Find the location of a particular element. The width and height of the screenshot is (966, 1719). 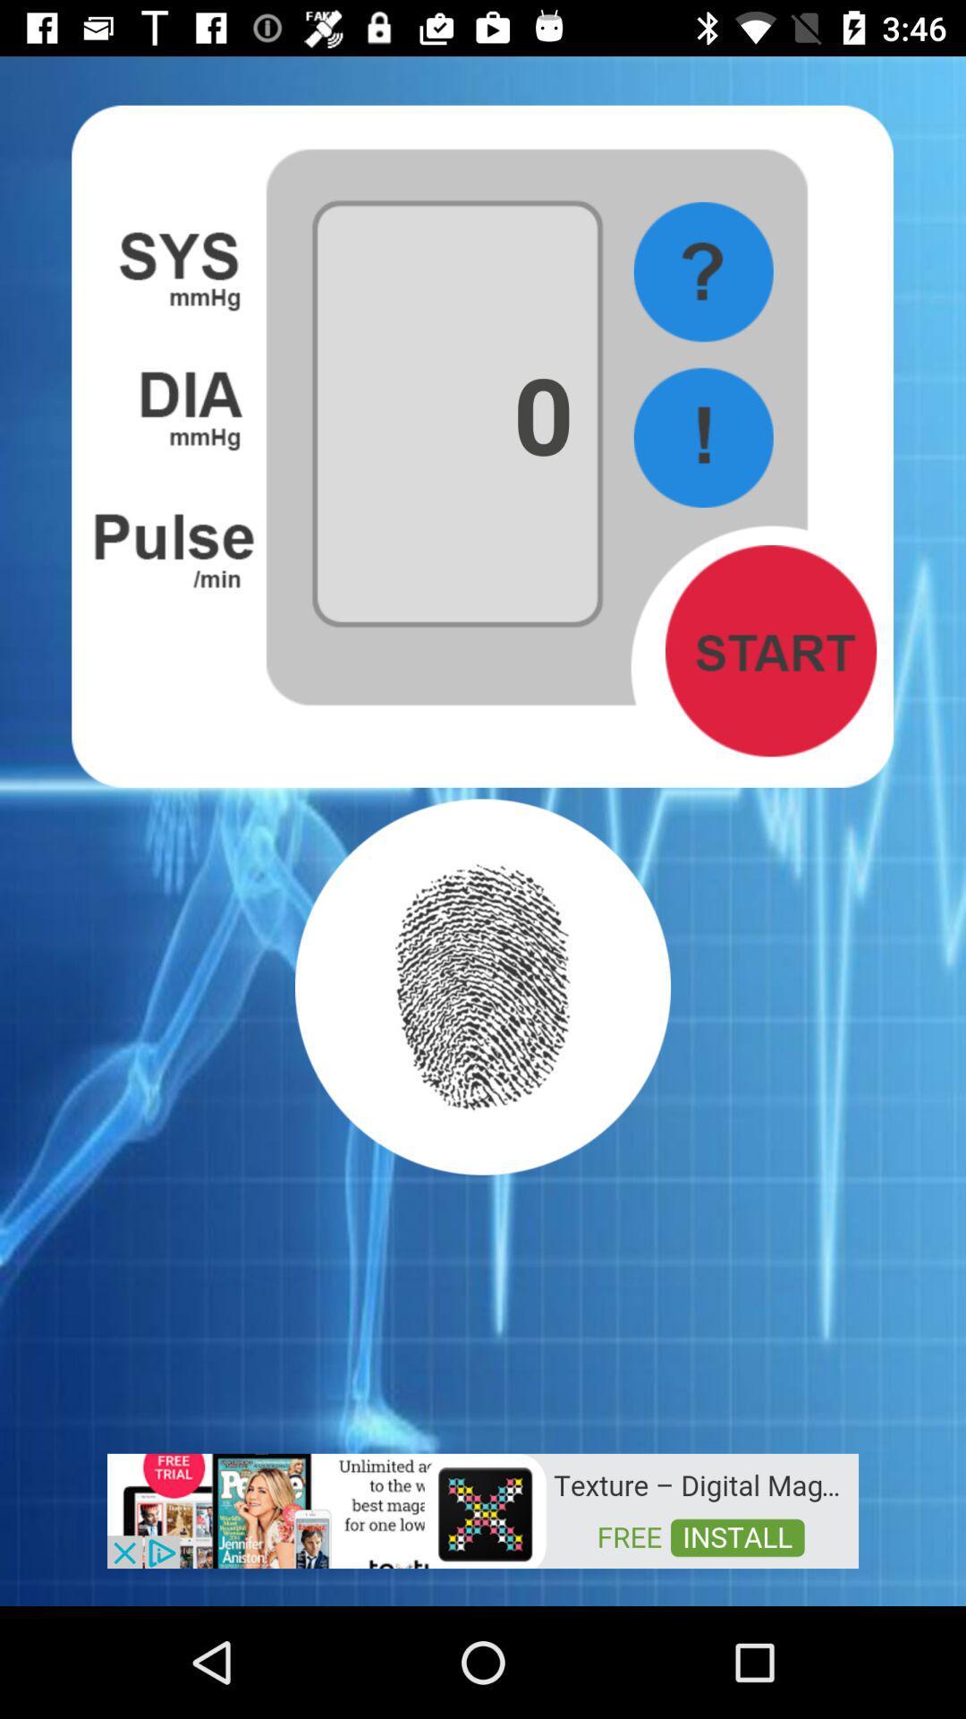

button for more informations is located at coordinates (702, 271).